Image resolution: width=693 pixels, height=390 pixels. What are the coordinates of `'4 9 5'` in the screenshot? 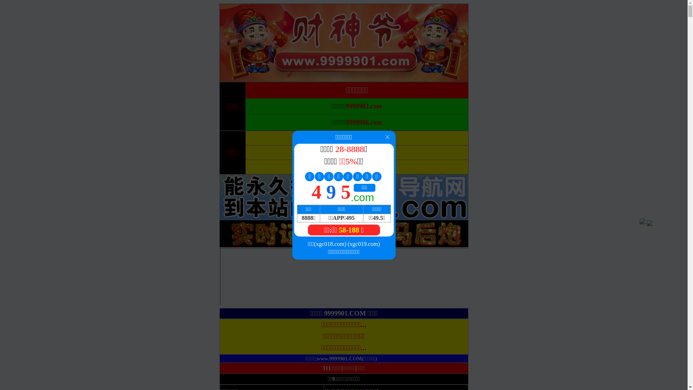 It's located at (331, 191).